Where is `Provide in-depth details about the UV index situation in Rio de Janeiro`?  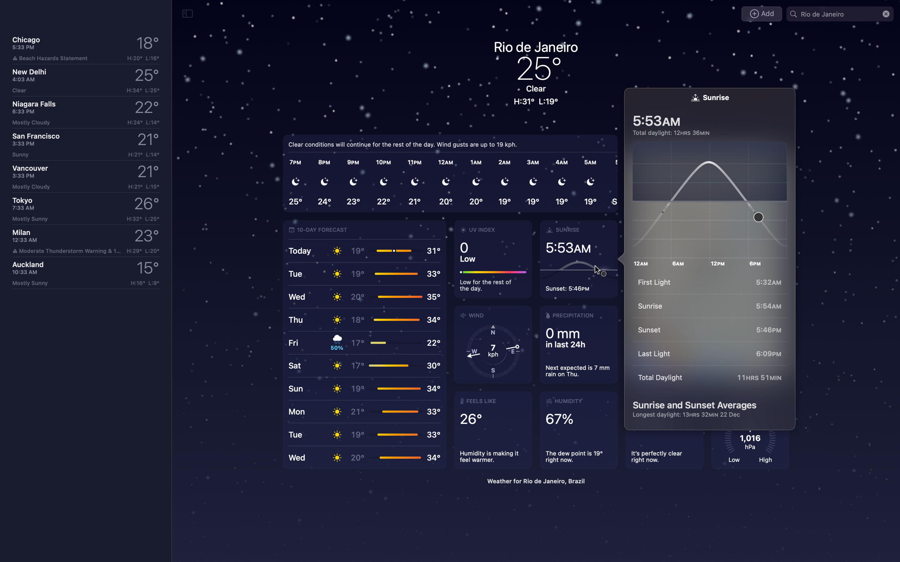
Provide in-depth details about the UV index situation in Rio de Janeiro is located at coordinates (493, 260).